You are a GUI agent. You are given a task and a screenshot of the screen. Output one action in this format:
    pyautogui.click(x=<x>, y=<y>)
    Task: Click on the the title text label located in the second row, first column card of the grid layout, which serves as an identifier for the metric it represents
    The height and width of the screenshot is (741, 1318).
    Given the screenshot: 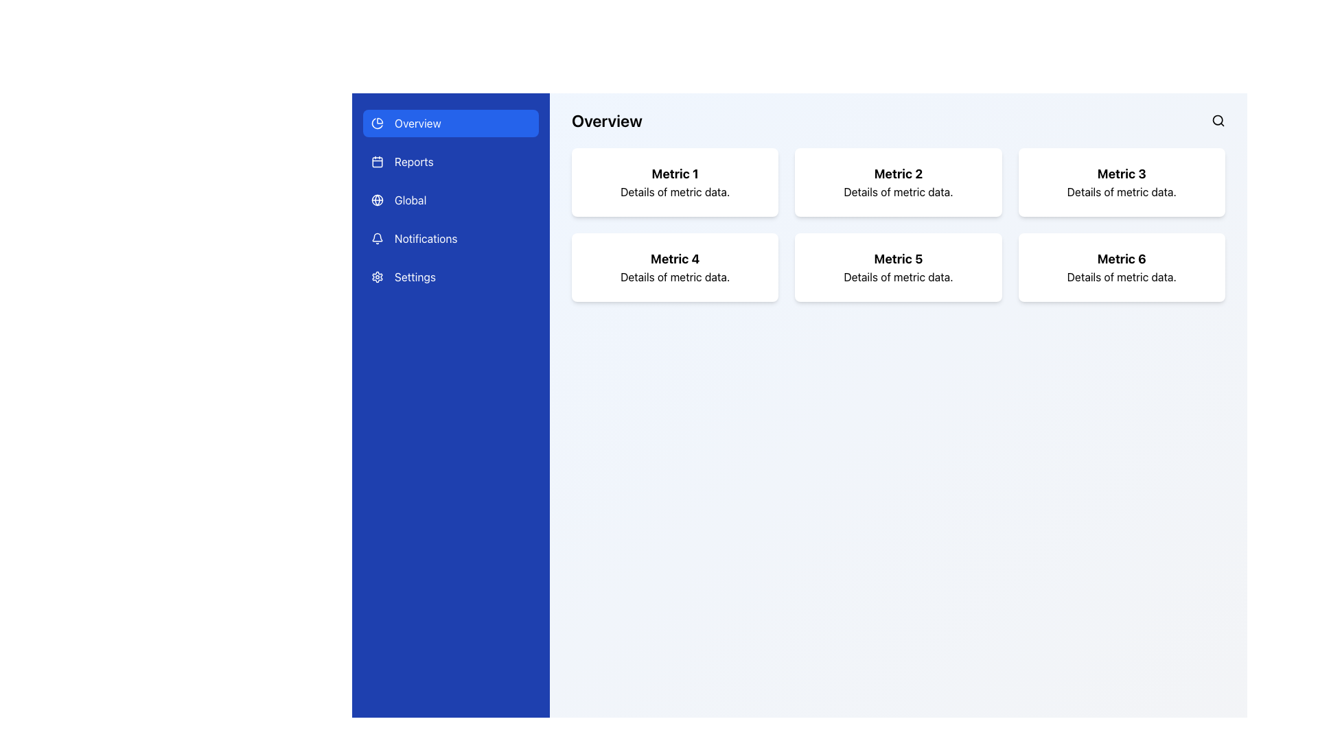 What is the action you would take?
    pyautogui.click(x=675, y=259)
    